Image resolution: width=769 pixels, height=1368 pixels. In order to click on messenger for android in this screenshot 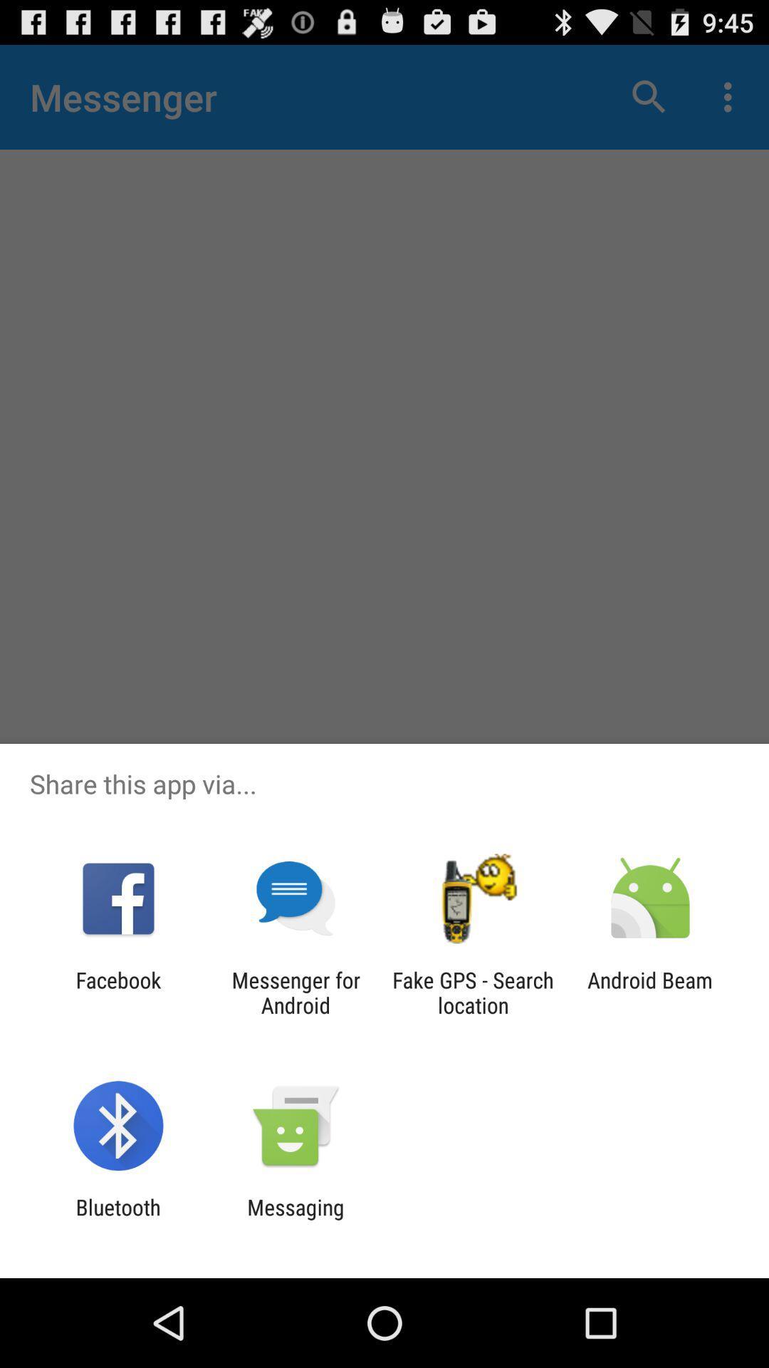, I will do `click(295, 992)`.